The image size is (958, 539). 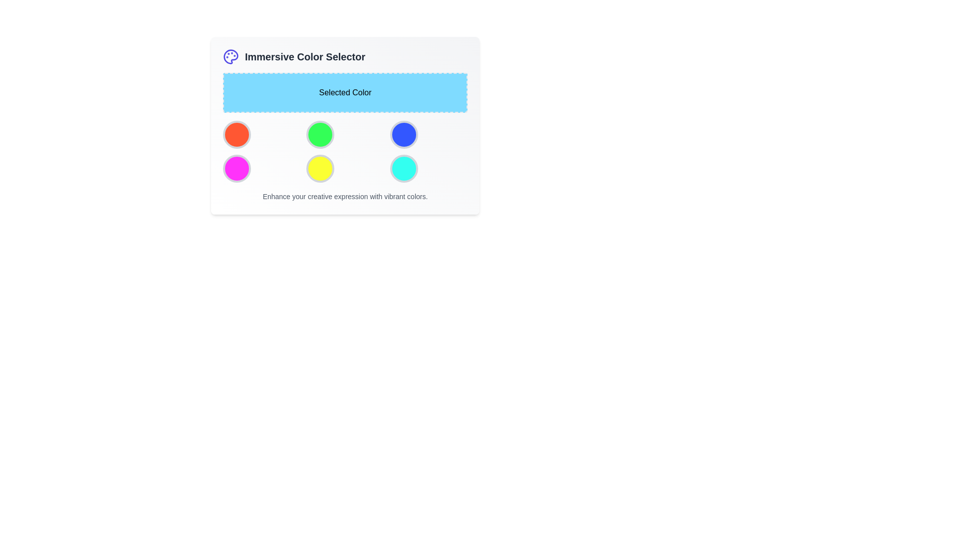 What do you see at coordinates (320, 168) in the screenshot?
I see `the vibrant circular yellow button located in the second row and second column of a grid layout` at bounding box center [320, 168].